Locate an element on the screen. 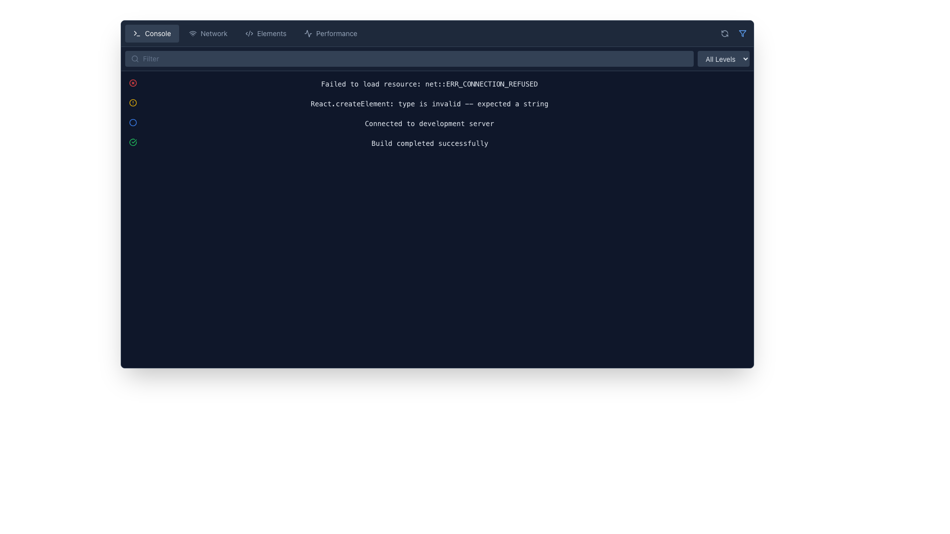 The image size is (950, 534). warning message content from the Notification item in the log list, which indicates an issue encountered during runtime related to React.createElement is located at coordinates (436, 103).